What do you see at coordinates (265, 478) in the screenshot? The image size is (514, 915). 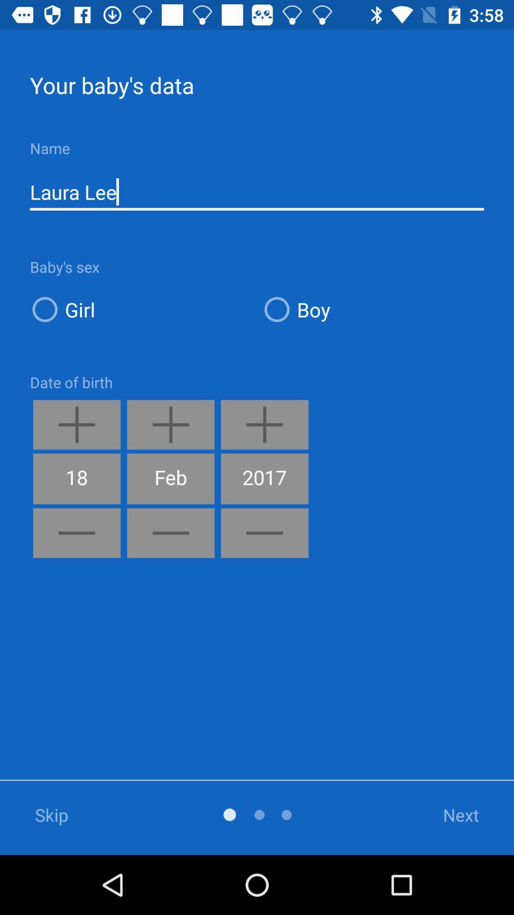 I see `2017 icon` at bounding box center [265, 478].